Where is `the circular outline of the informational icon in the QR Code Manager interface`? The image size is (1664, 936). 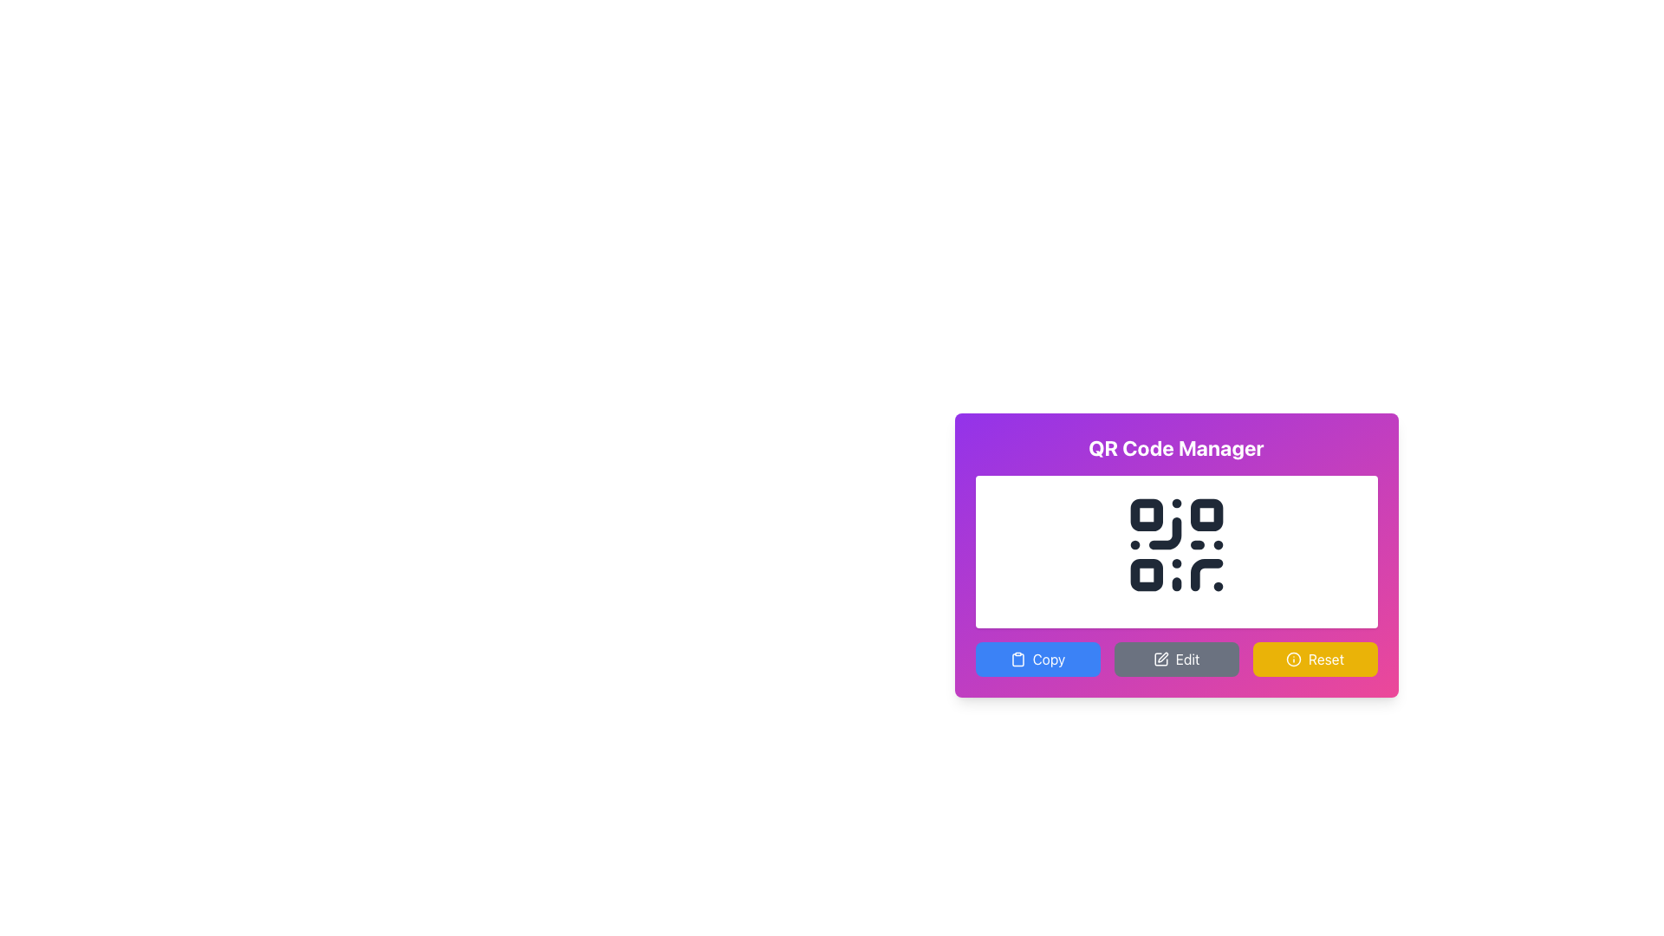
the circular outline of the informational icon in the QR Code Manager interface is located at coordinates (1293, 659).